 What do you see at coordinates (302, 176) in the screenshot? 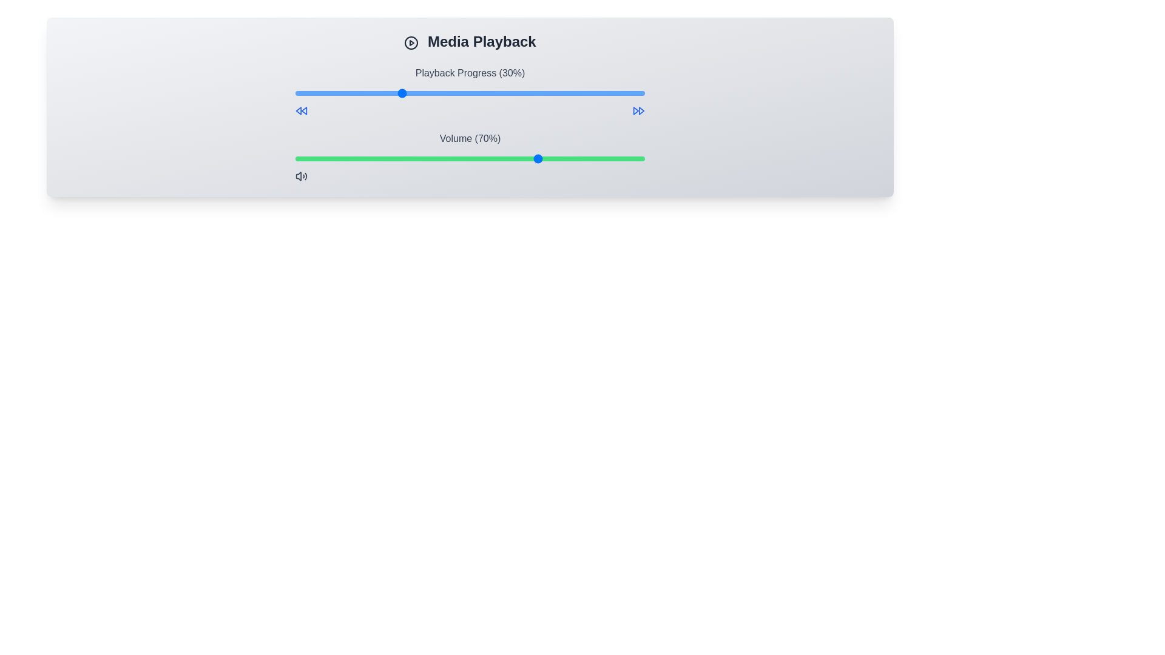
I see `the volume icon to toggle or adjust the volume settings` at bounding box center [302, 176].